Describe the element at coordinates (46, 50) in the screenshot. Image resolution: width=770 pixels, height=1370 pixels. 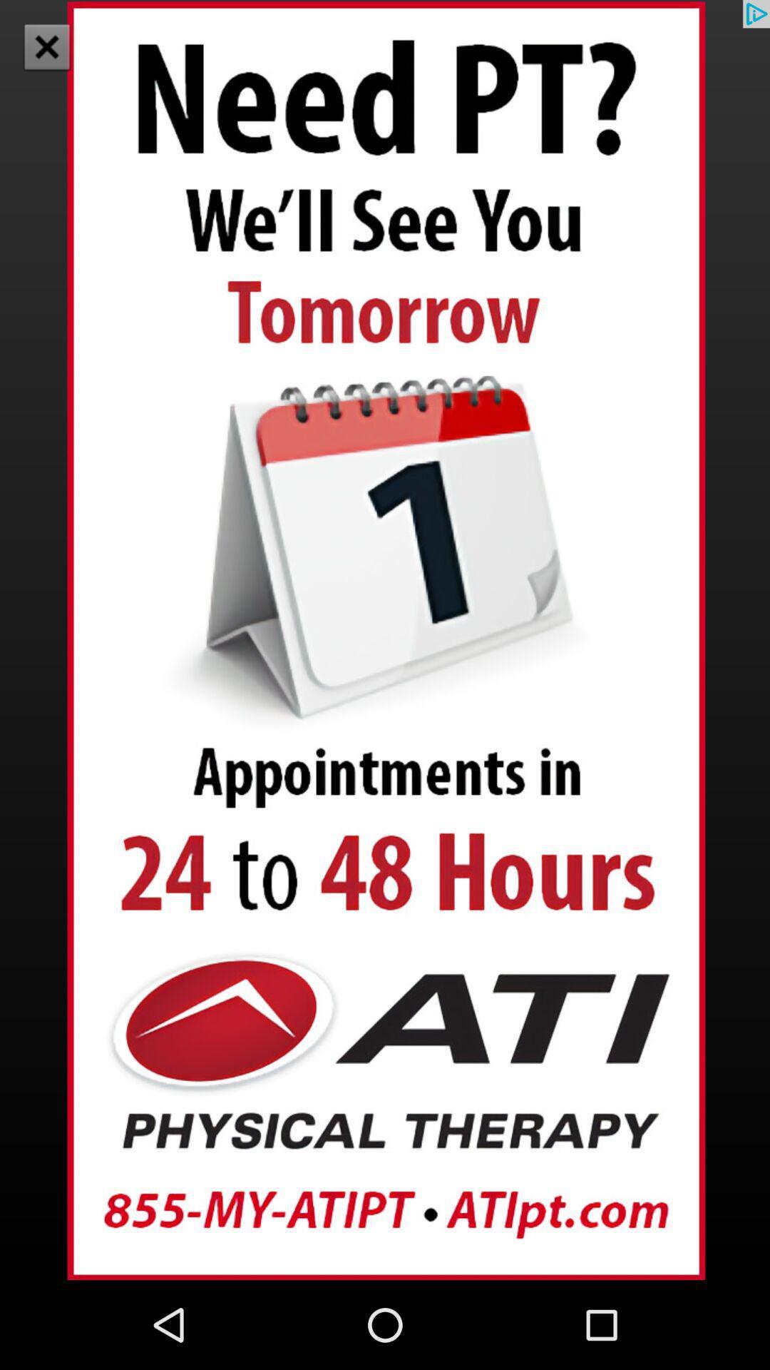
I see `the close icon` at that location.